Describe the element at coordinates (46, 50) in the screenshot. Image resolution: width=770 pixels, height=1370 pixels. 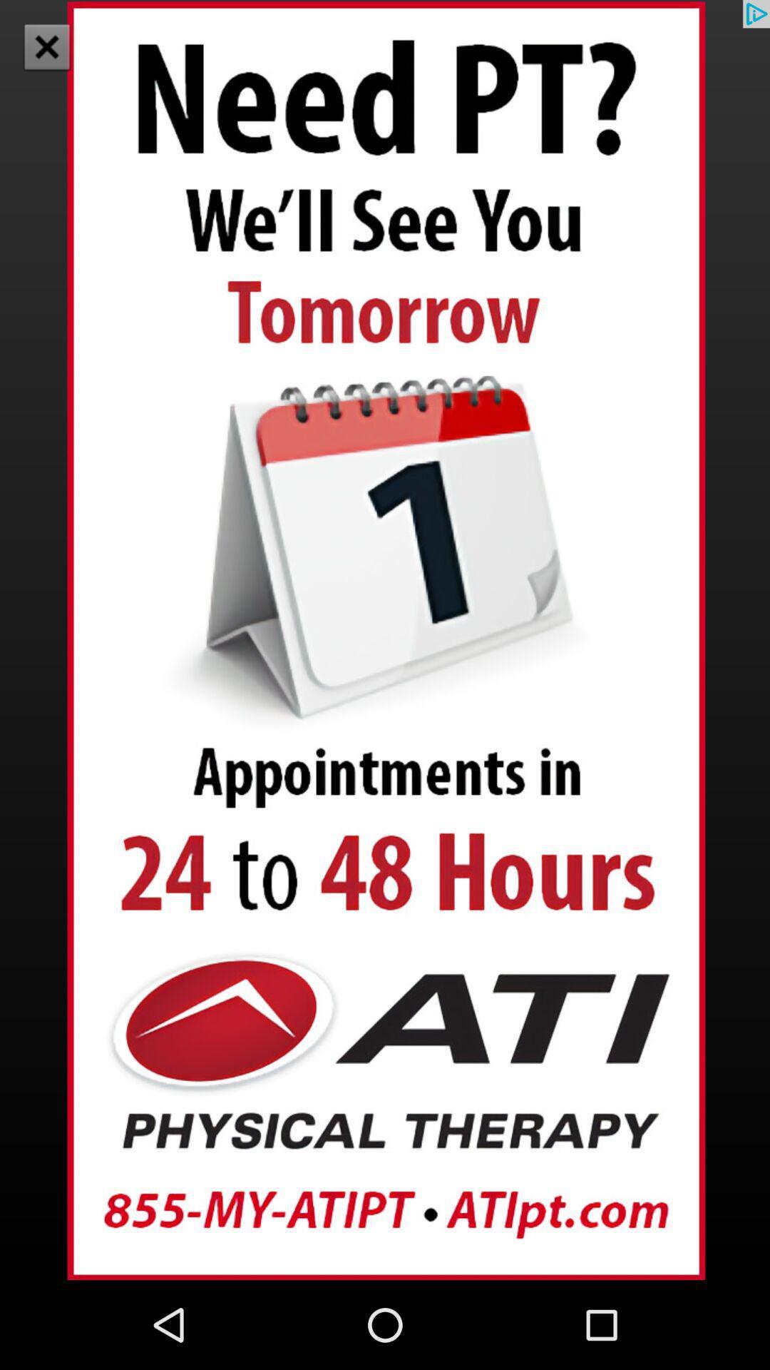
I see `the close icon` at that location.